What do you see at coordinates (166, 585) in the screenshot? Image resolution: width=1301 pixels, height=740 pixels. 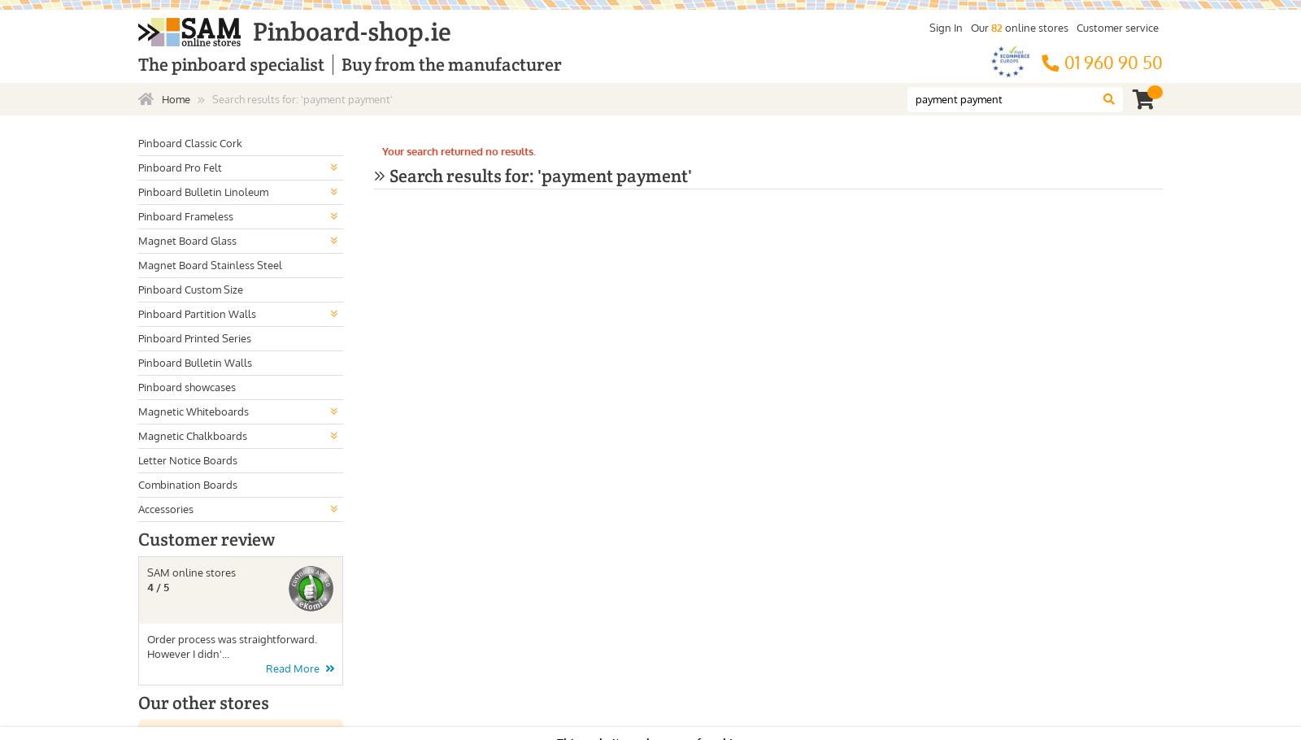 I see `'5'` at bounding box center [166, 585].